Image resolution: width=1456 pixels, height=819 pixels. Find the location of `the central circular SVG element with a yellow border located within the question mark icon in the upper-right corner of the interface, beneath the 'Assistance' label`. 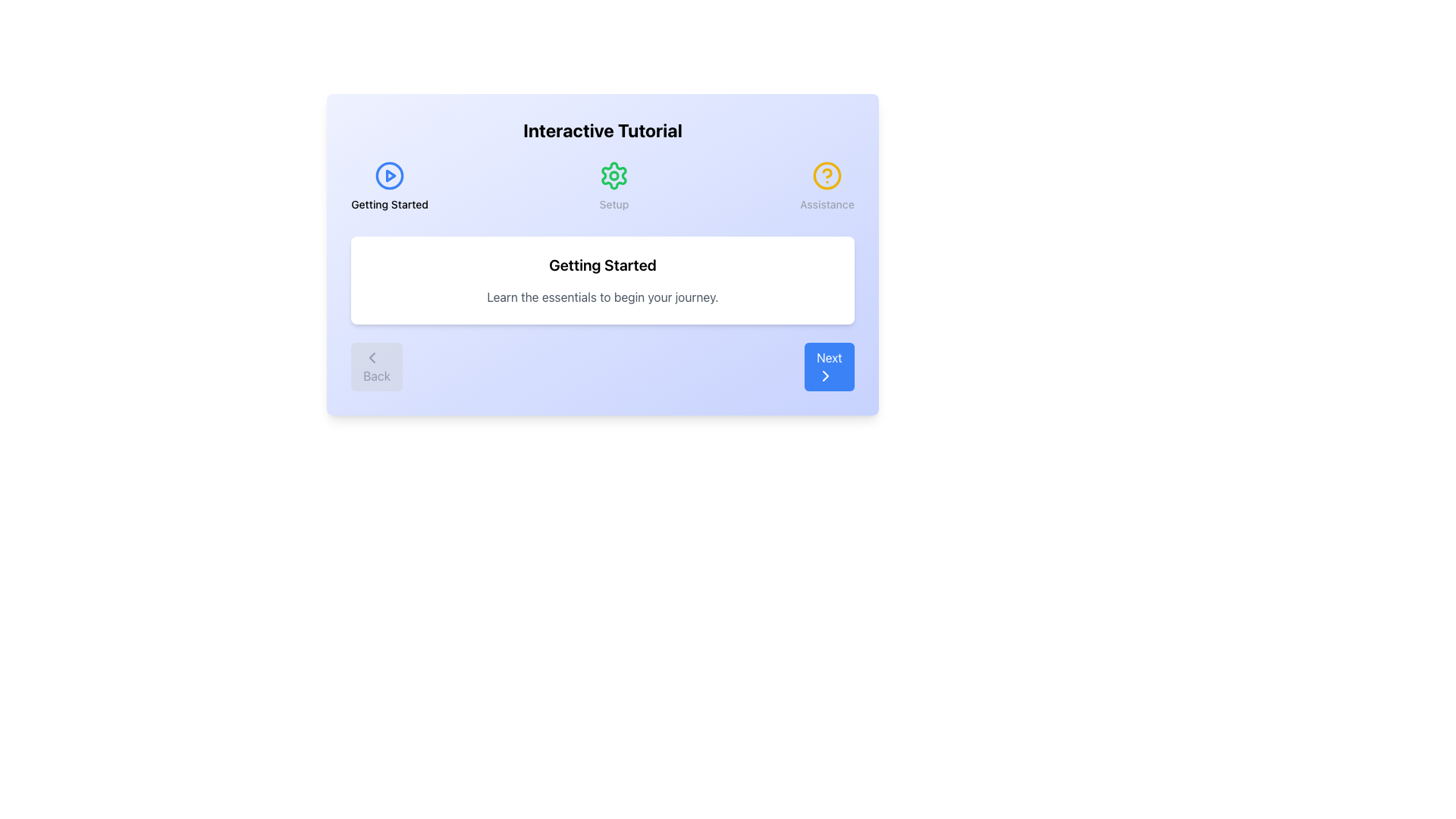

the central circular SVG element with a yellow border located within the question mark icon in the upper-right corner of the interface, beneath the 'Assistance' label is located at coordinates (826, 174).